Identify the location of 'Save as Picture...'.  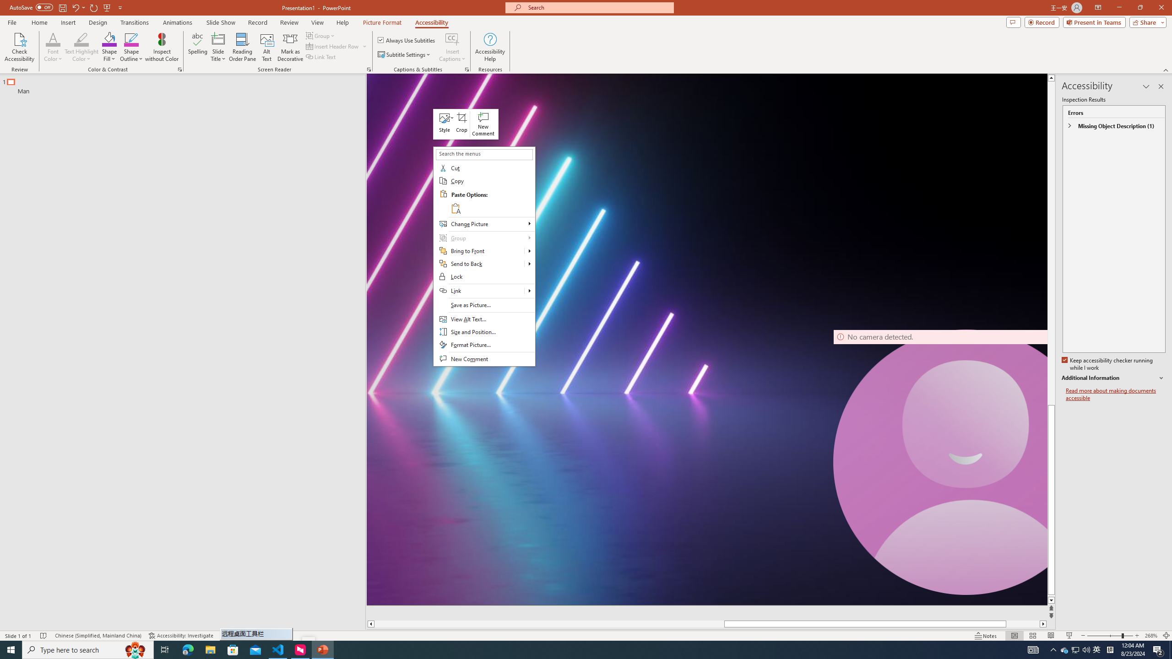
(483, 305).